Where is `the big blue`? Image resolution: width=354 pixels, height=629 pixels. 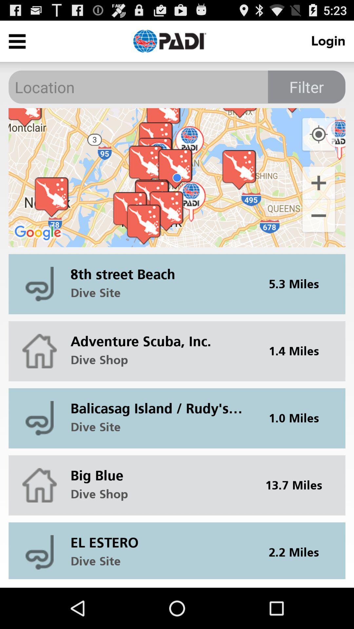
the big blue is located at coordinates (161, 470).